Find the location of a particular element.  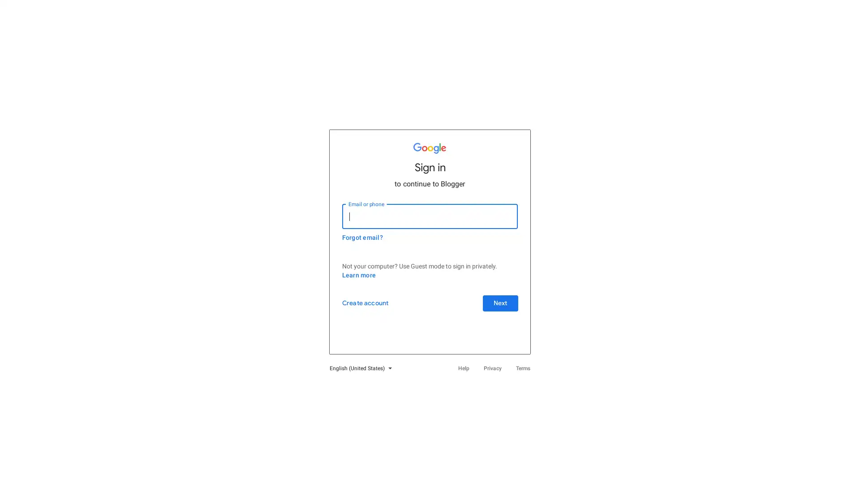

Forgot email? is located at coordinates (368, 245).